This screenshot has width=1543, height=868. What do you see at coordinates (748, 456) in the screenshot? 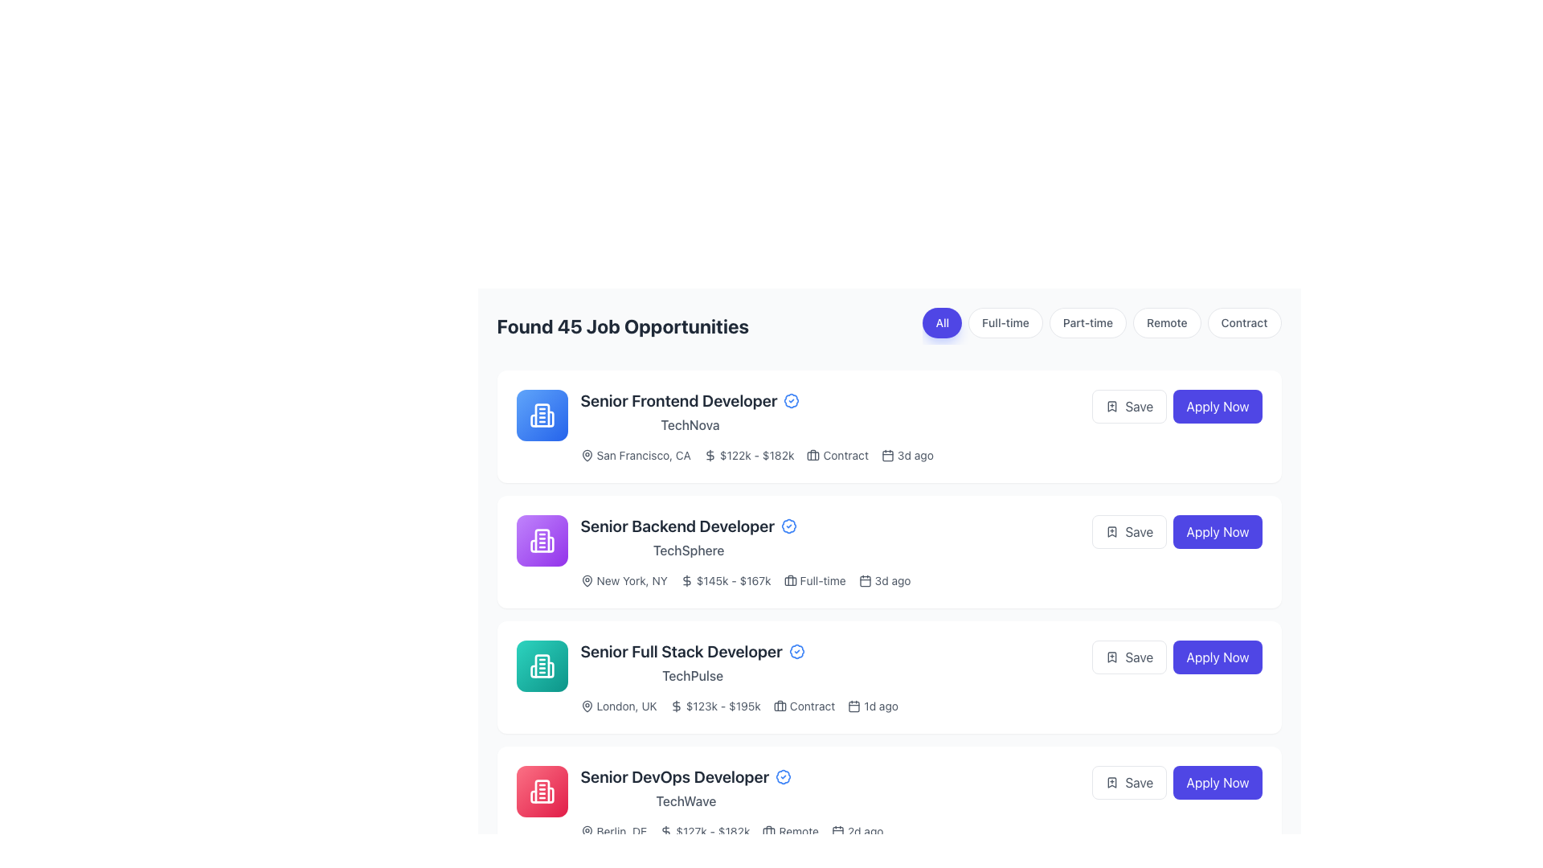
I see `the static text element displaying salary range '$122k - $182k' with an adjacent dollar sign icon, which is located in the metadata section of a job opportunity listing` at bounding box center [748, 456].